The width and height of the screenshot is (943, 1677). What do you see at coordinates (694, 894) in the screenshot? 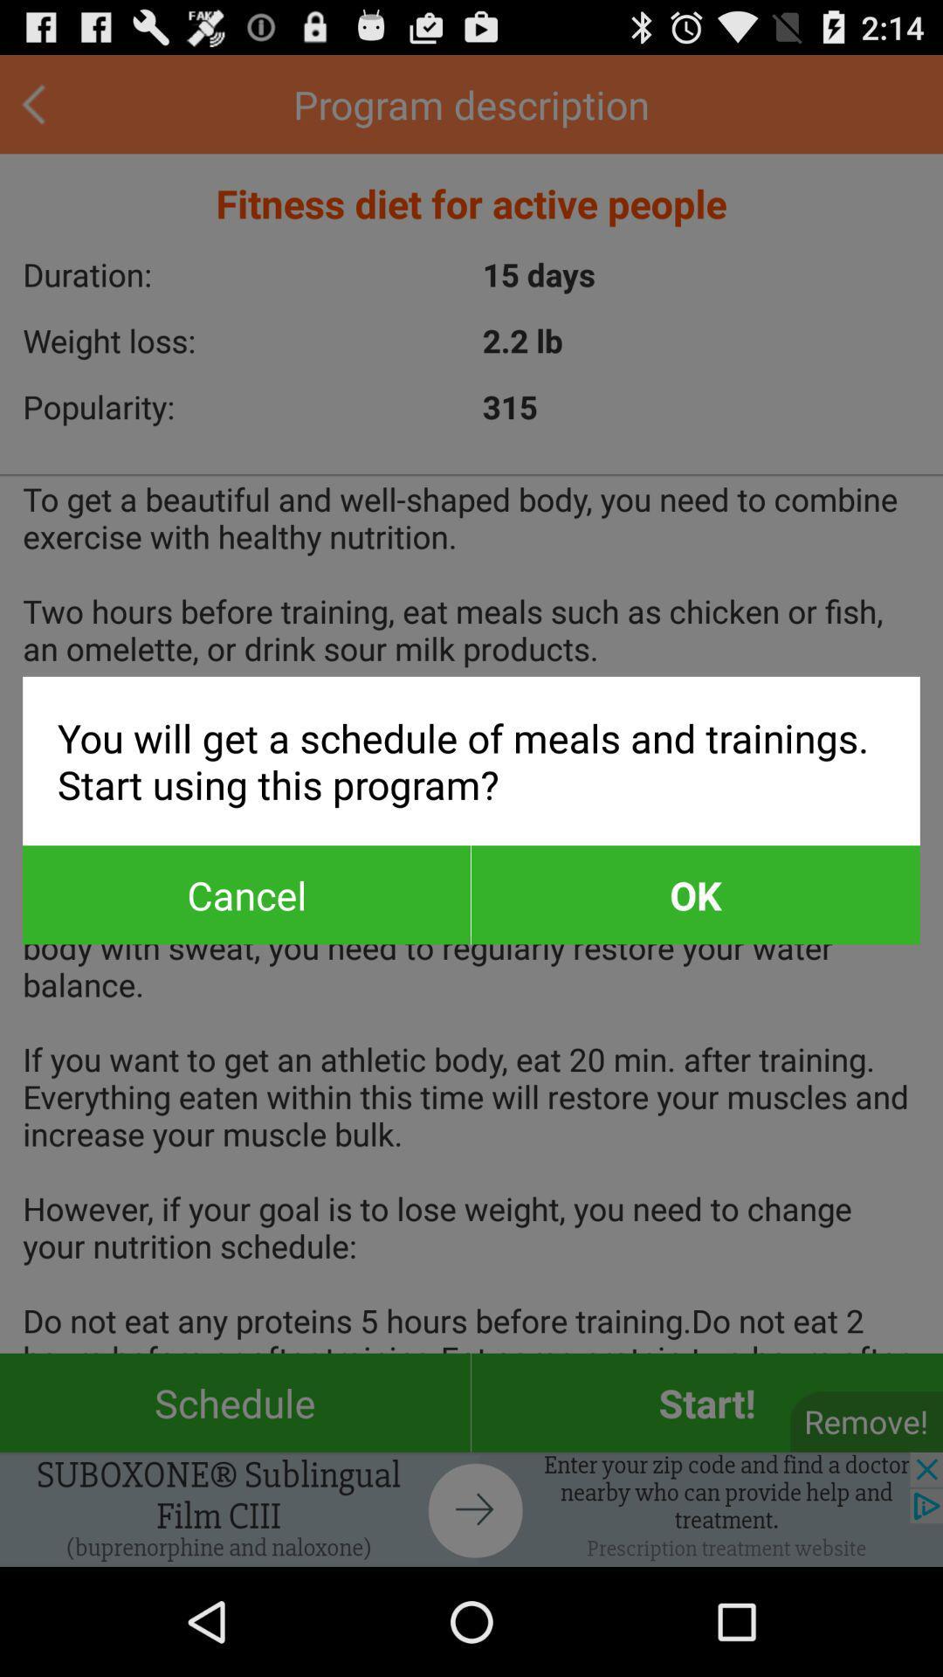
I see `icon below you will get` at bounding box center [694, 894].